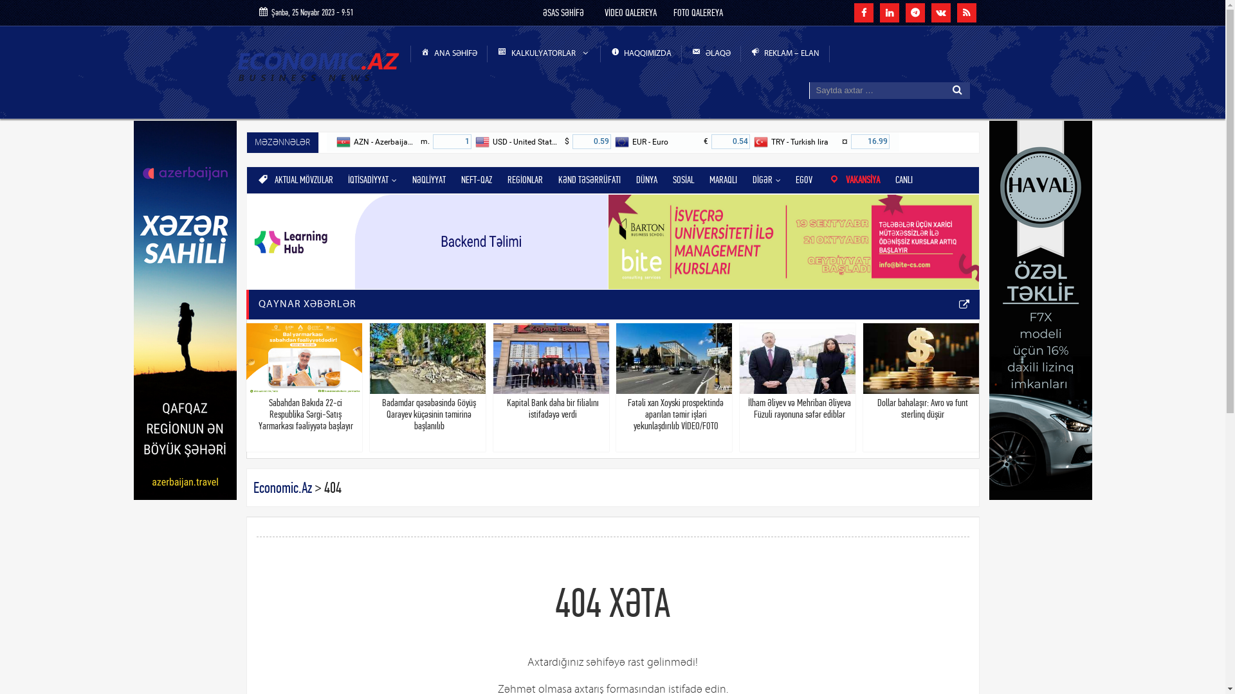 This screenshot has height=694, width=1235. What do you see at coordinates (336, 141) in the screenshot?
I see `'Azerbaijani manat'` at bounding box center [336, 141].